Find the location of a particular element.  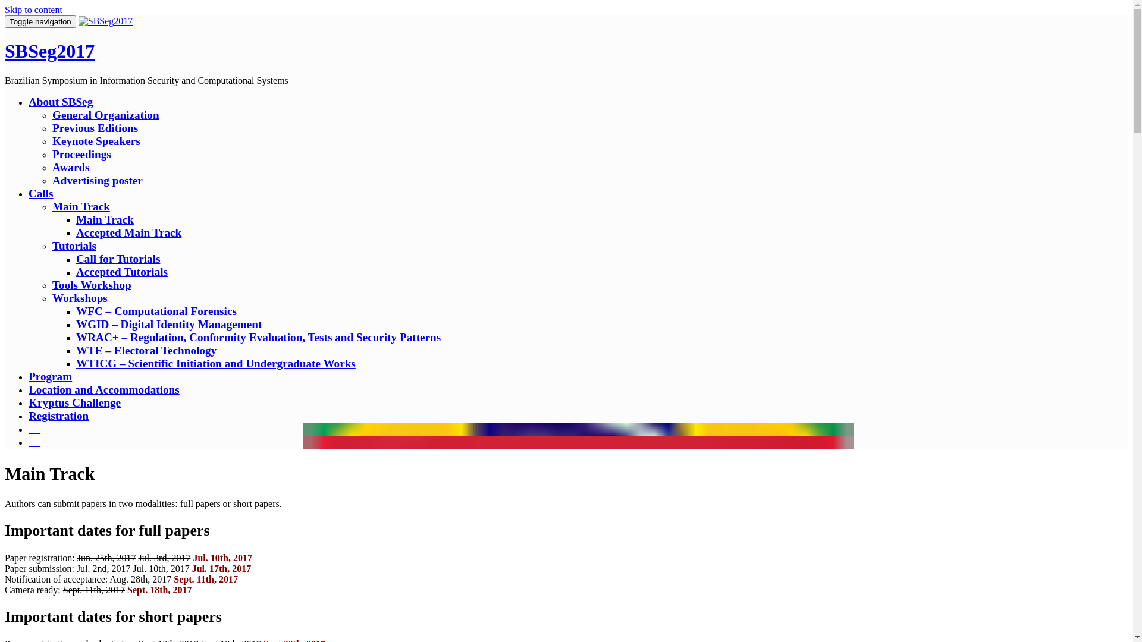

'Skip to content' is located at coordinates (5, 10).